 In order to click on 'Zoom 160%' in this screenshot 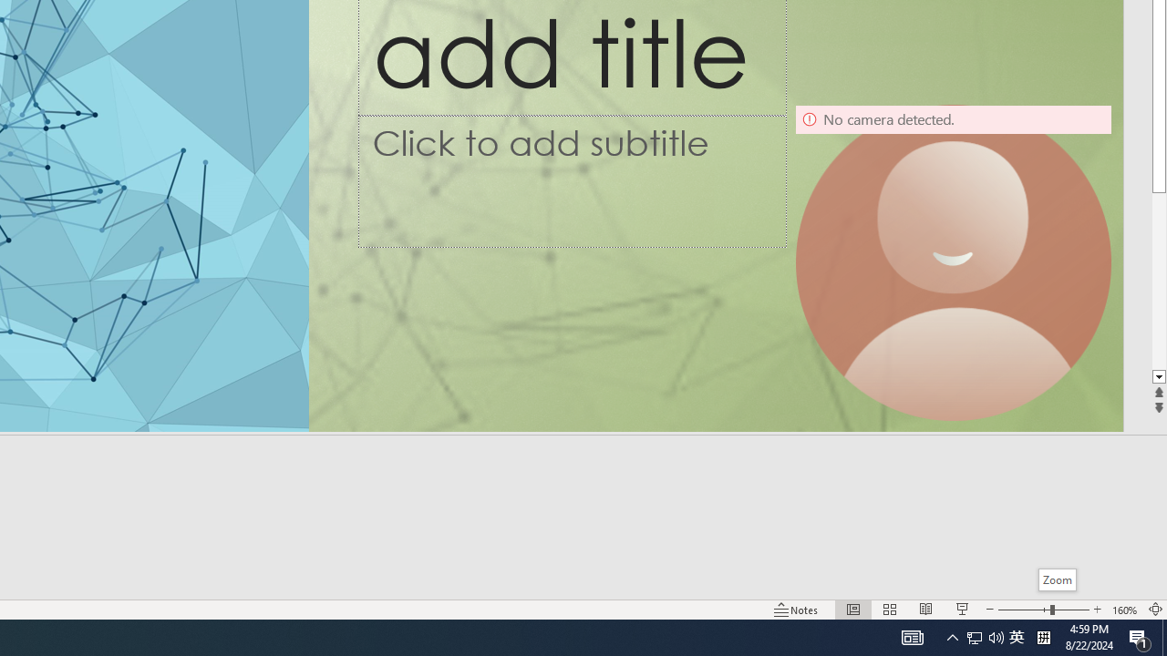, I will do `click(1124, 610)`.